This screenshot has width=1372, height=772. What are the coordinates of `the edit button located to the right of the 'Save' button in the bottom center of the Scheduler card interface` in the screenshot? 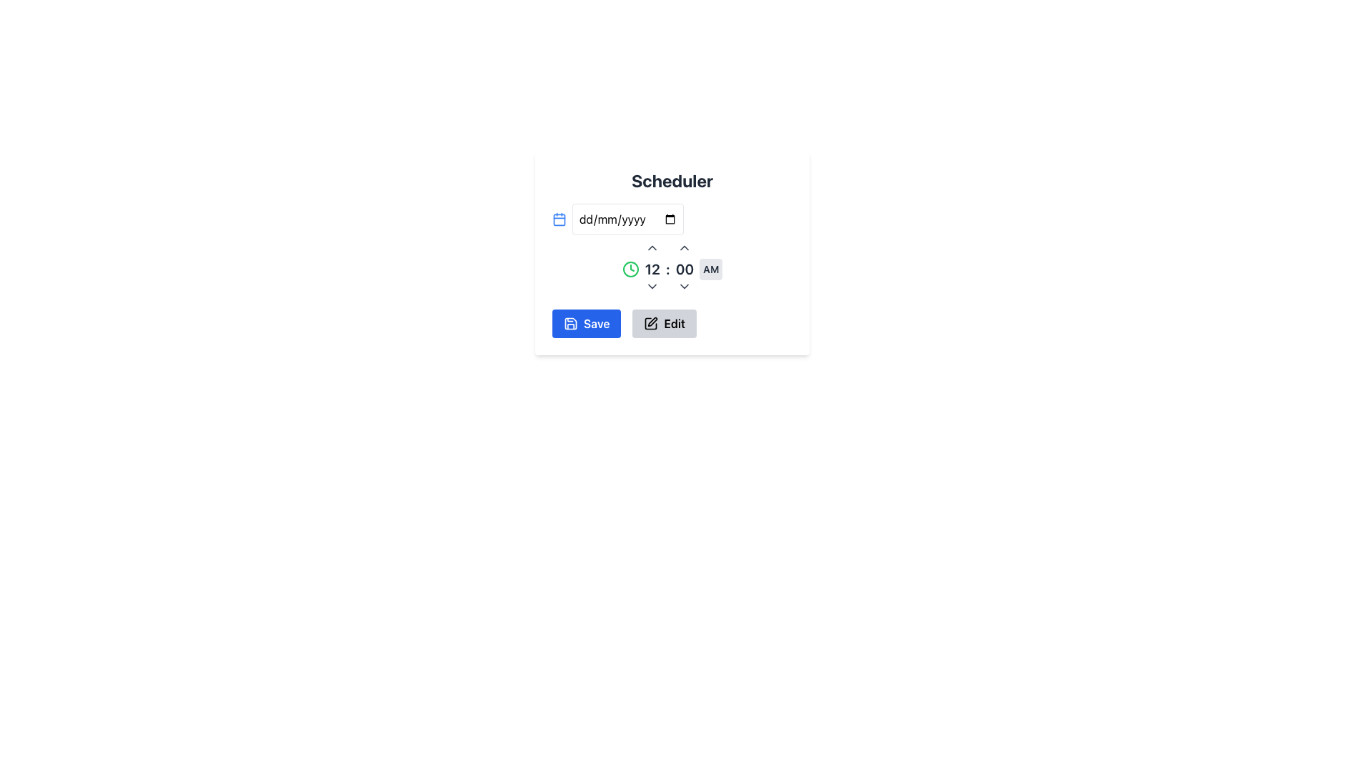 It's located at (664, 323).